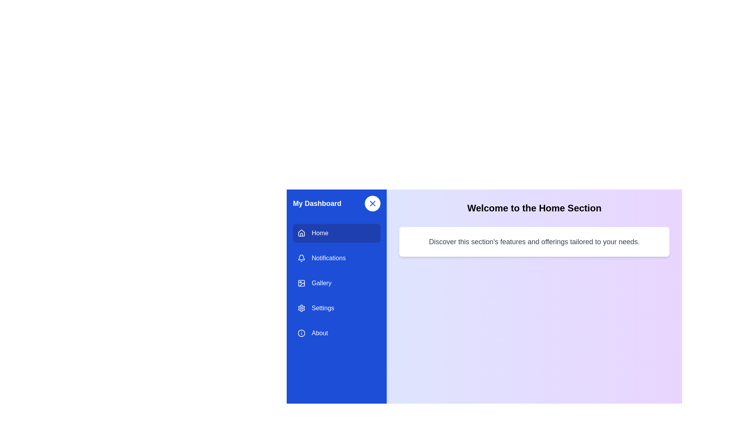  What do you see at coordinates (337, 333) in the screenshot?
I see `the menu item About to explore its hover effect` at bounding box center [337, 333].